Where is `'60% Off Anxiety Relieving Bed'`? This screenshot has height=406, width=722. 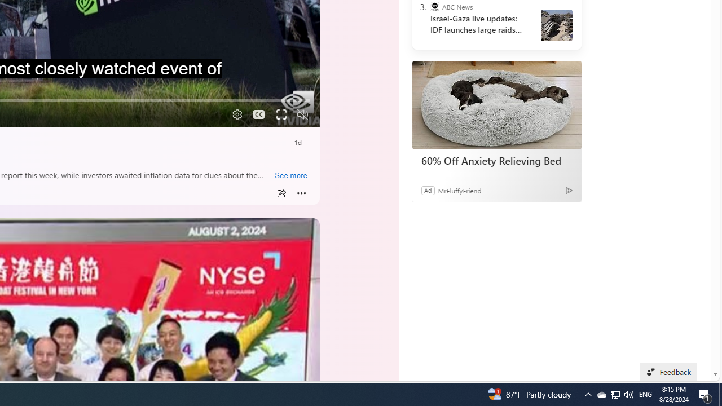 '60% Off Anxiety Relieving Bed' is located at coordinates (496, 105).